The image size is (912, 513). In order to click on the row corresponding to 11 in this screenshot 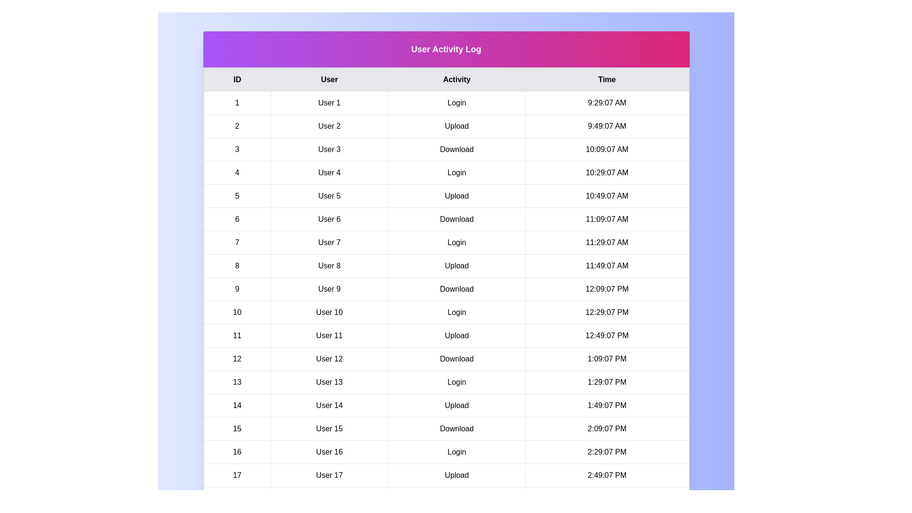, I will do `click(446, 335)`.